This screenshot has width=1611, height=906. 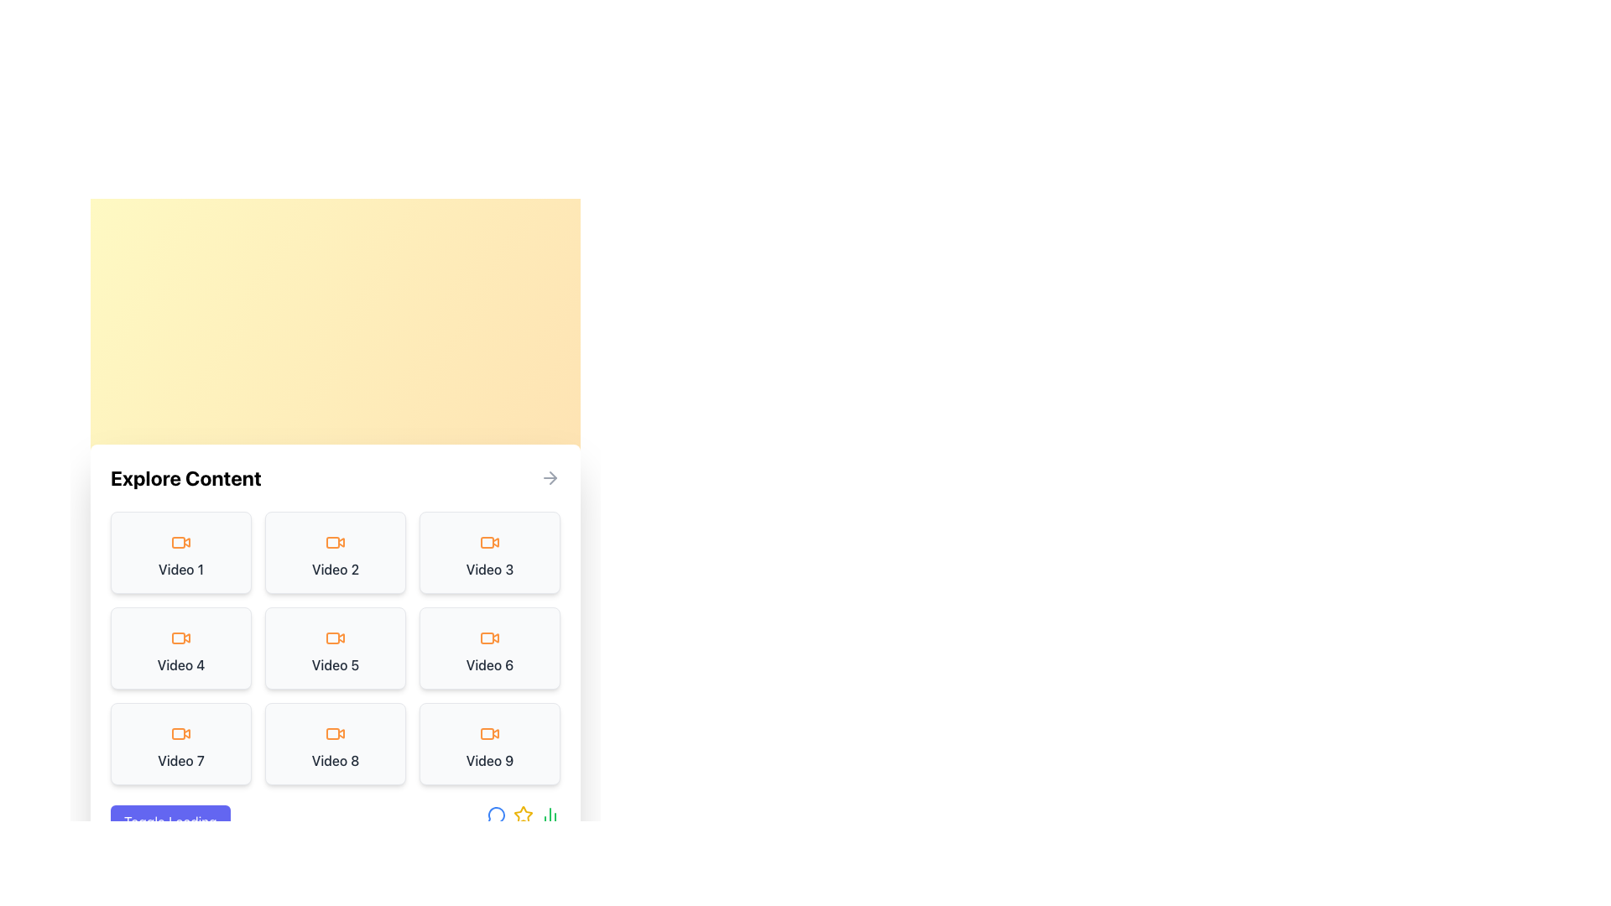 What do you see at coordinates (489, 760) in the screenshot?
I see `static text label 'Video 9' located at the bottom-right corner of the 3x3 grid of video items` at bounding box center [489, 760].